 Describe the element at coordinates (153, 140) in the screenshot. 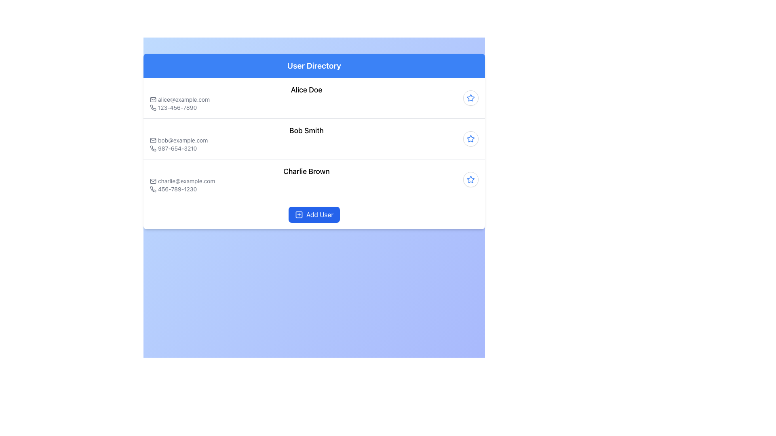

I see `the mail icon component that visually indicates the email address field for 'bob@example.com' in the user directory` at that location.